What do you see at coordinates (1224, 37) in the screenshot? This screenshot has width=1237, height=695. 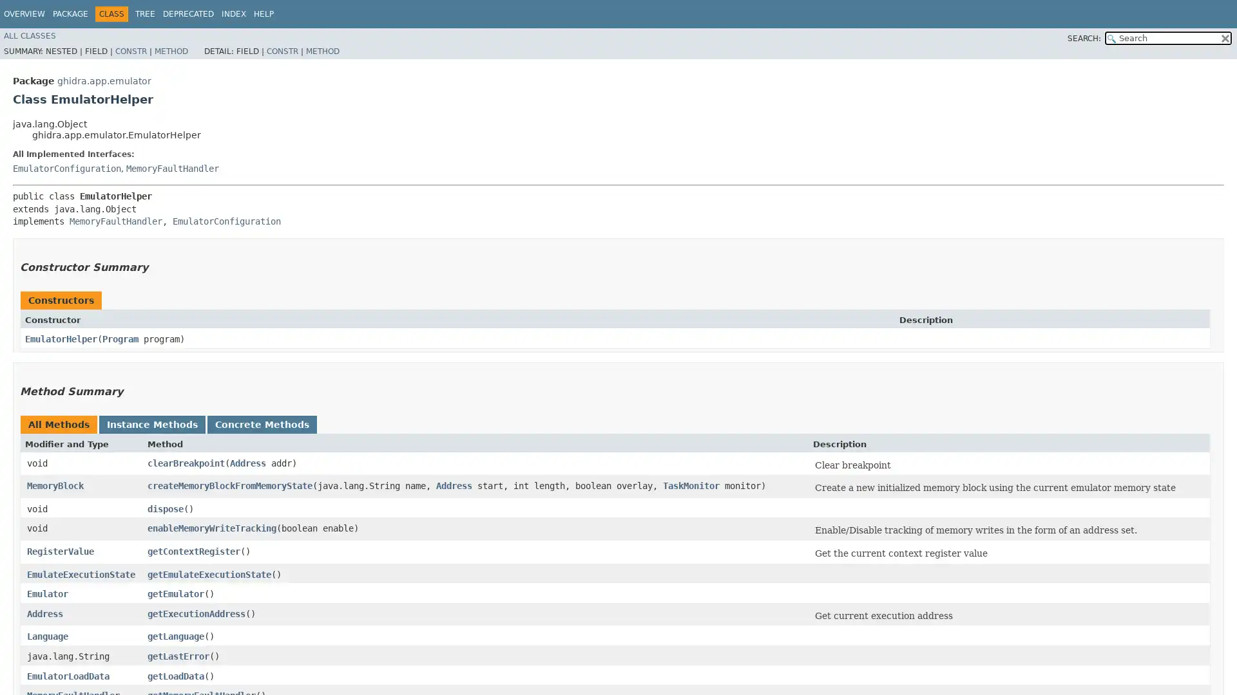 I see `reset` at bounding box center [1224, 37].